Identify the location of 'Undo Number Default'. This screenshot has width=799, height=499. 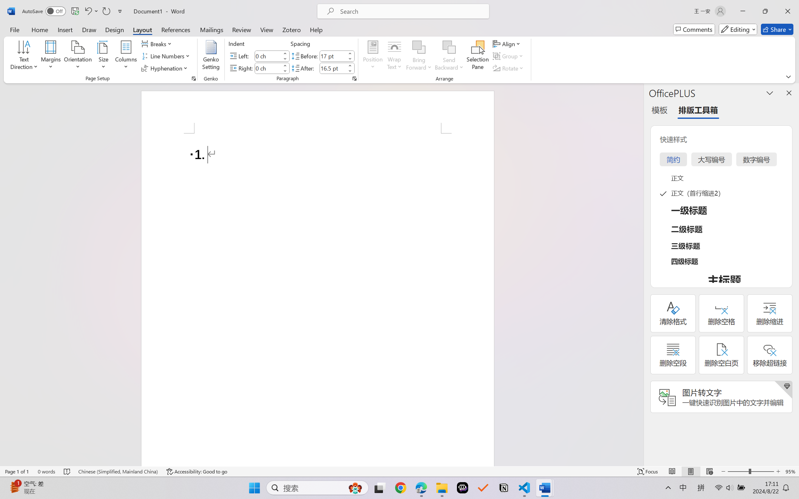
(90, 11).